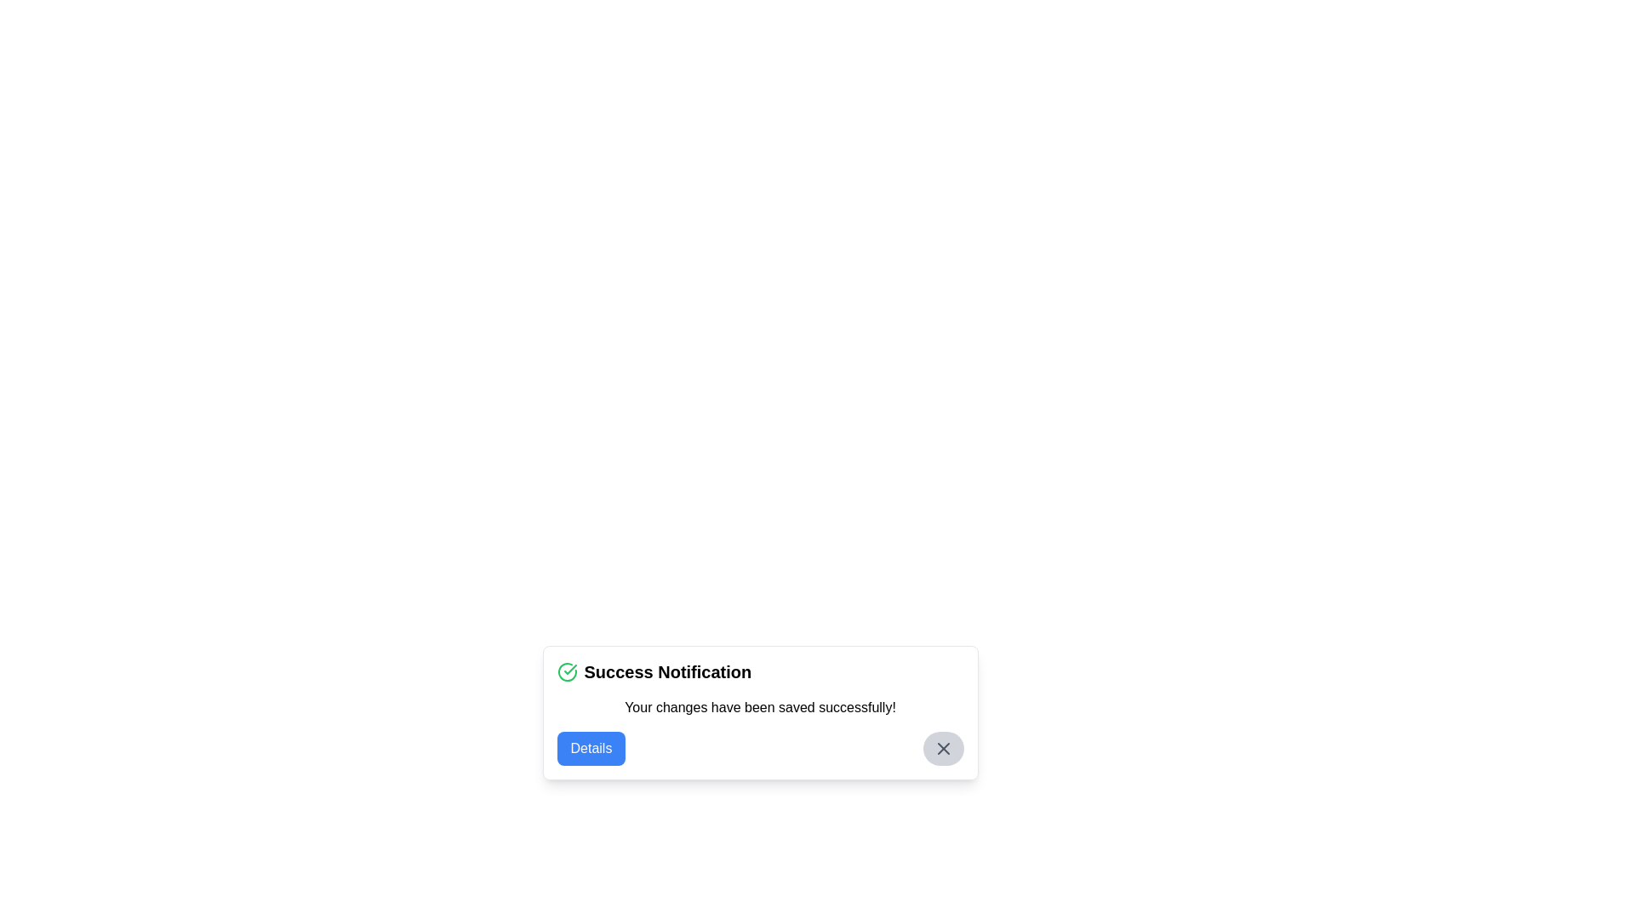 This screenshot has height=919, width=1634. What do you see at coordinates (942, 747) in the screenshot?
I see `the close button icon located at the top-right corner of the success notification modal` at bounding box center [942, 747].